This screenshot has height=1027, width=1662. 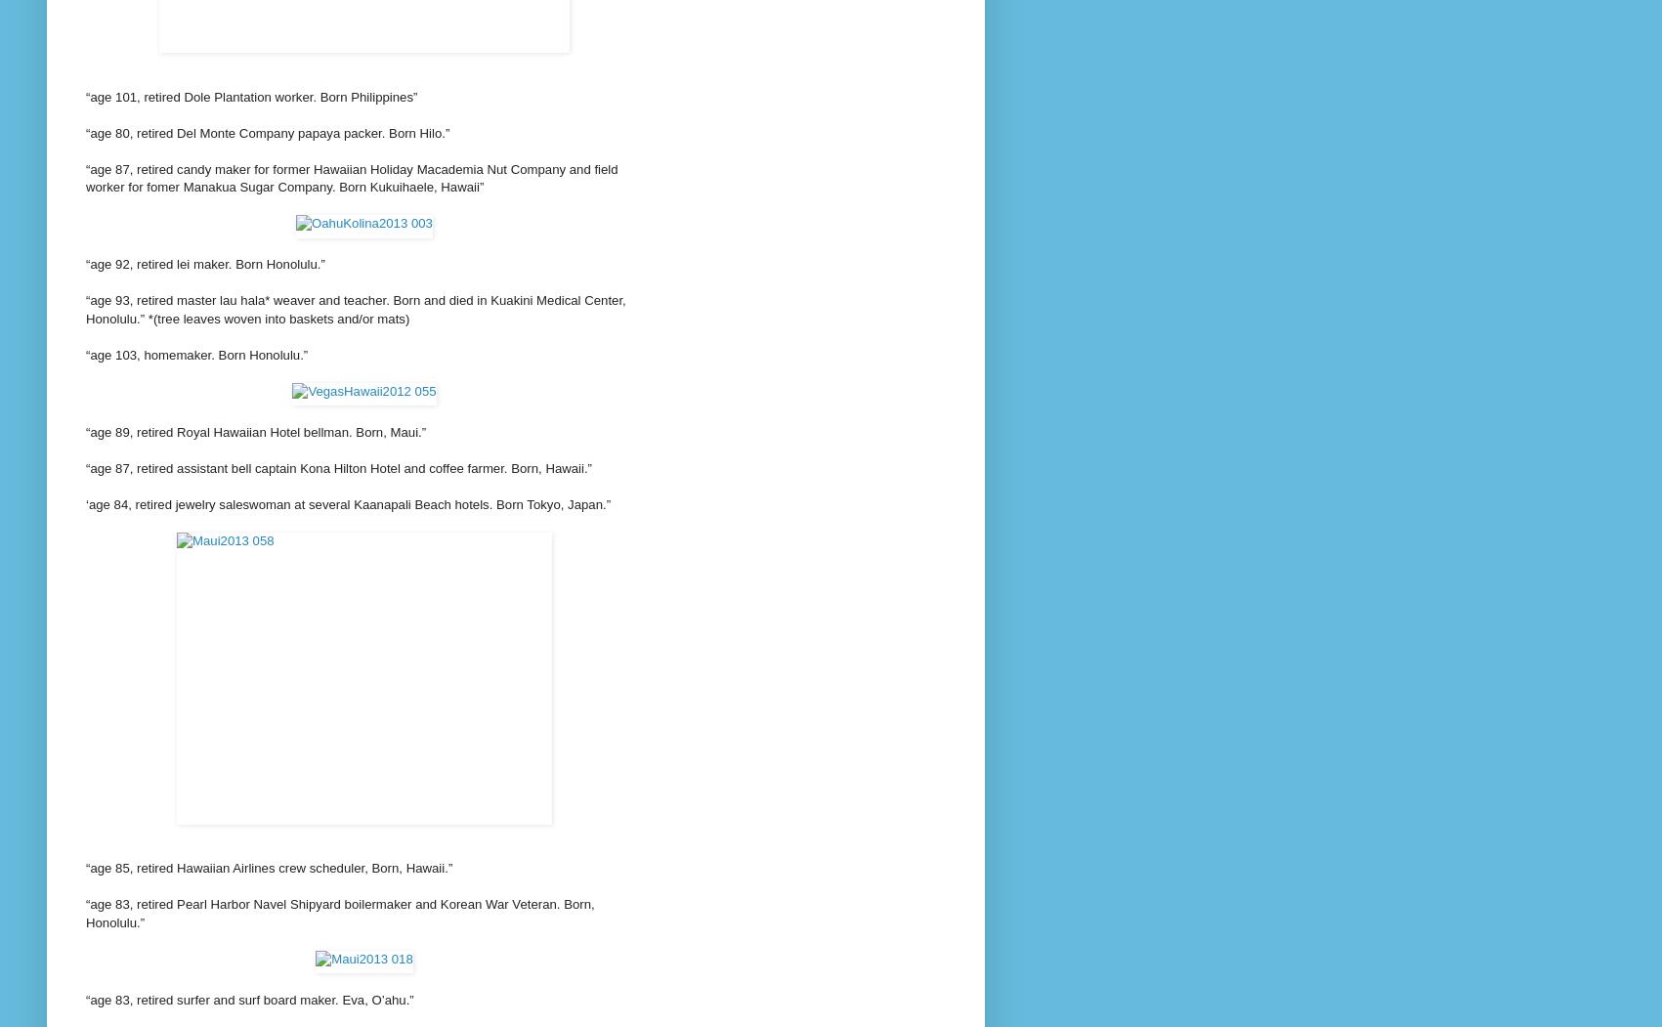 I want to click on '‘age 84, retired jewelry saleswoman at several Kaanapali Beach hotels. Born Tokyo, Japan.”', so click(x=85, y=503).